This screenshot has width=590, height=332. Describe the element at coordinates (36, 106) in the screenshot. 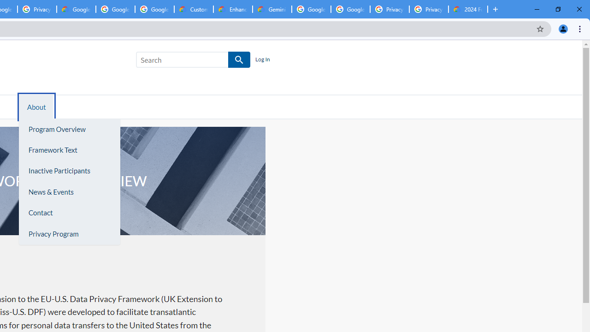

I see `'About'` at that location.